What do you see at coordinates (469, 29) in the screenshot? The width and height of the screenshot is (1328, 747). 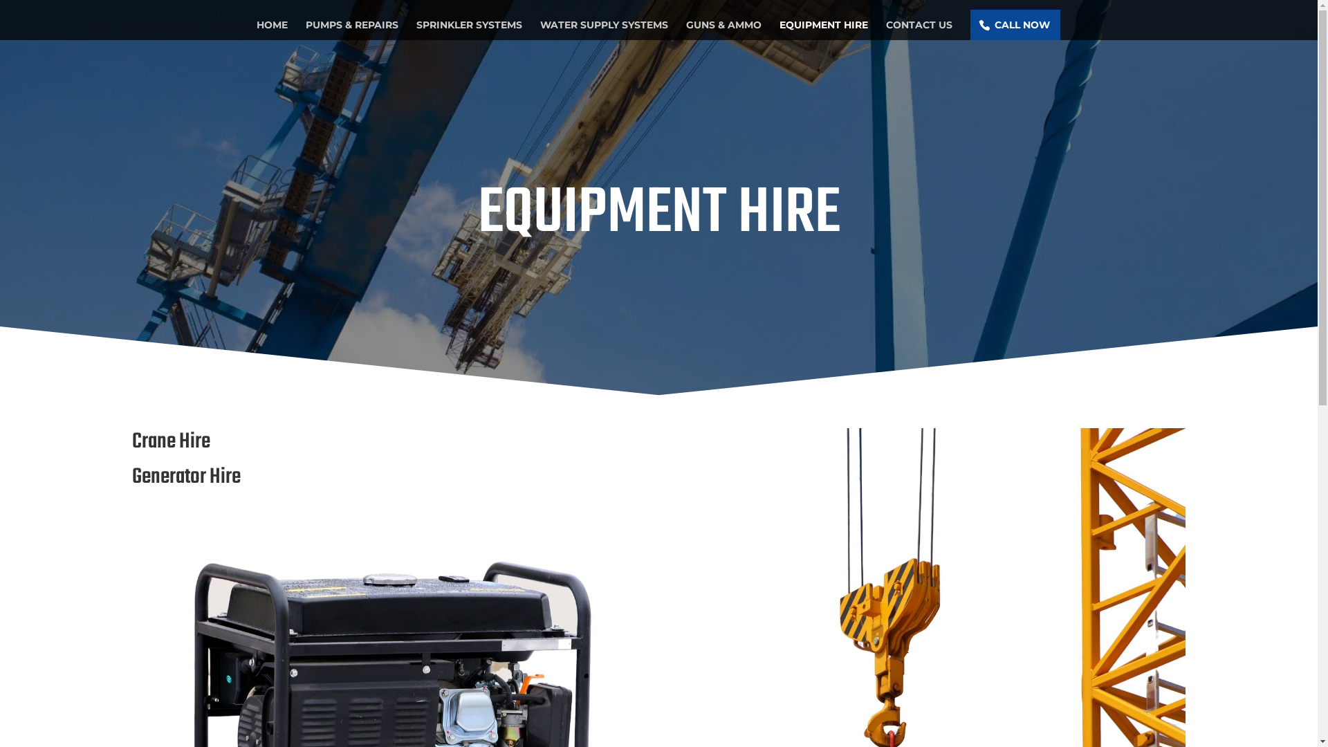 I see `'SPRINKLER SYSTEMS'` at bounding box center [469, 29].